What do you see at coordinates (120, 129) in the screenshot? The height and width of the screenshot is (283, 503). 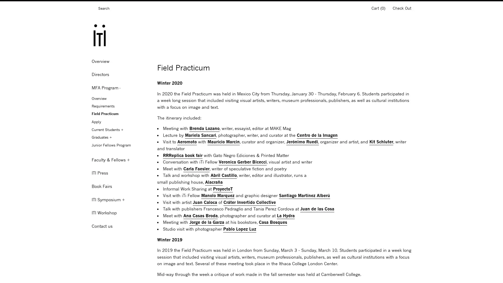 I see `Current Students` at bounding box center [120, 129].